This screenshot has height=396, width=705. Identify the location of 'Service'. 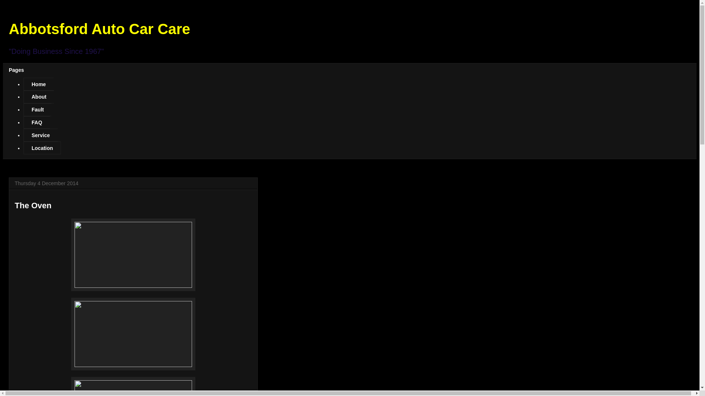
(23, 135).